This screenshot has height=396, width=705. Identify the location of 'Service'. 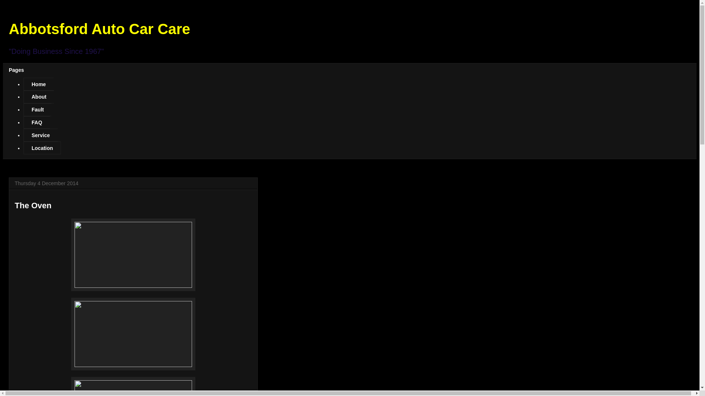
(23, 135).